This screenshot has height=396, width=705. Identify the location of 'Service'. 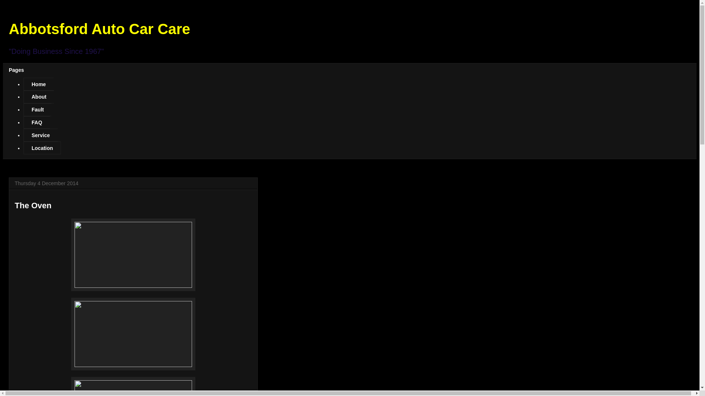
(23, 135).